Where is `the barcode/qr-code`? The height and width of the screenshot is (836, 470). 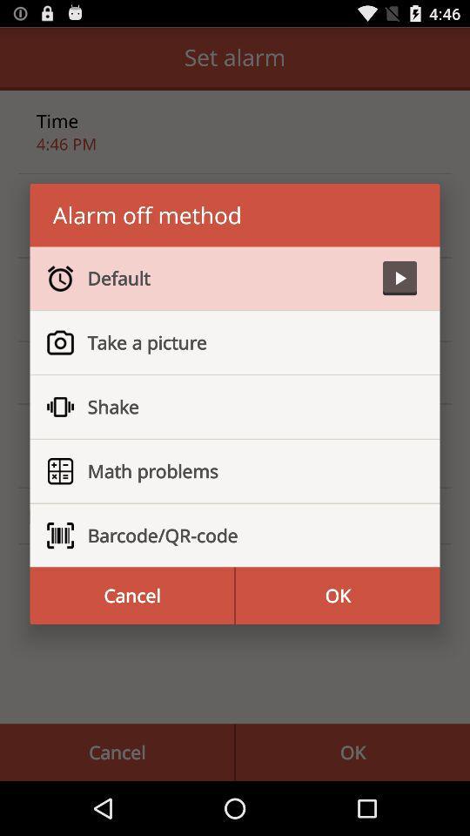 the barcode/qr-code is located at coordinates (244, 535).